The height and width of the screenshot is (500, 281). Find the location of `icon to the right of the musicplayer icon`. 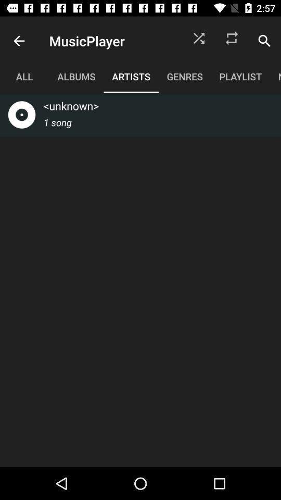

icon to the right of the musicplayer icon is located at coordinates (199, 41).